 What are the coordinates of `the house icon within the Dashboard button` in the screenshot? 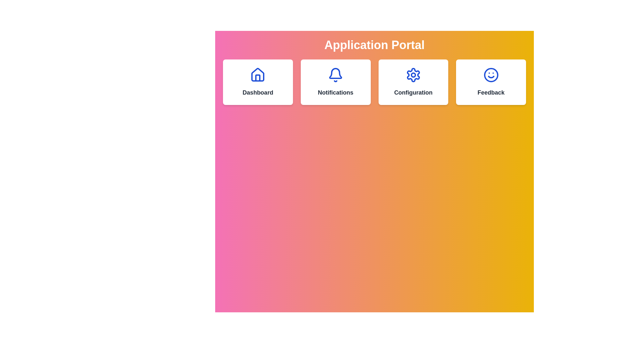 It's located at (257, 77).